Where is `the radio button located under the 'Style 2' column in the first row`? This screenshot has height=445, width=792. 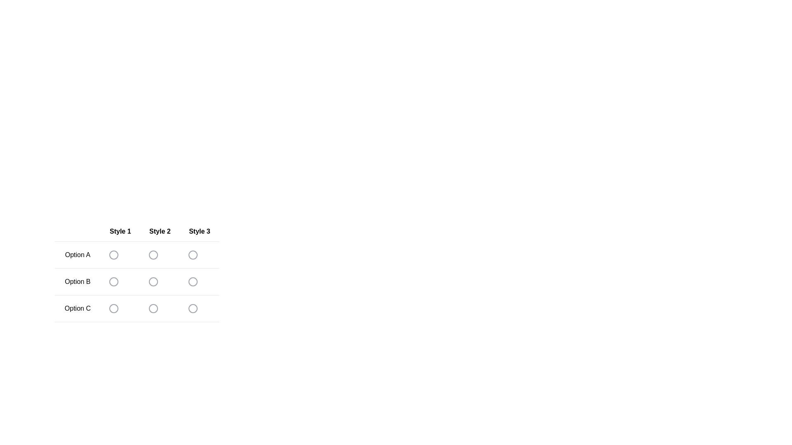
the radio button located under the 'Style 2' column in the first row is located at coordinates (153, 254).